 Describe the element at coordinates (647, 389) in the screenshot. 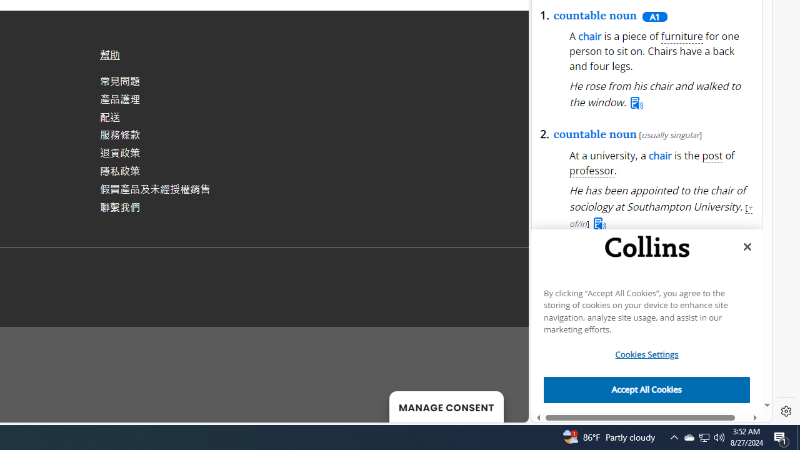

I see `'Accept All Cookies'` at that location.